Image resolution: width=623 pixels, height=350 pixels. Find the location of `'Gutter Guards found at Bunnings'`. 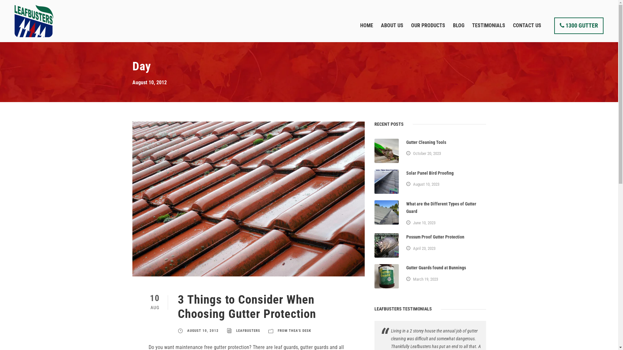

'Gutter Guards found at Bunnings' is located at coordinates (406, 267).